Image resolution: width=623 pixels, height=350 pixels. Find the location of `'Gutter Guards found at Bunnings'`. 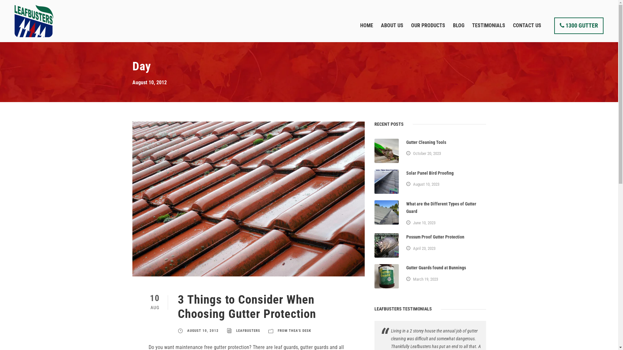

'Gutter Guards found at Bunnings' is located at coordinates (406, 267).